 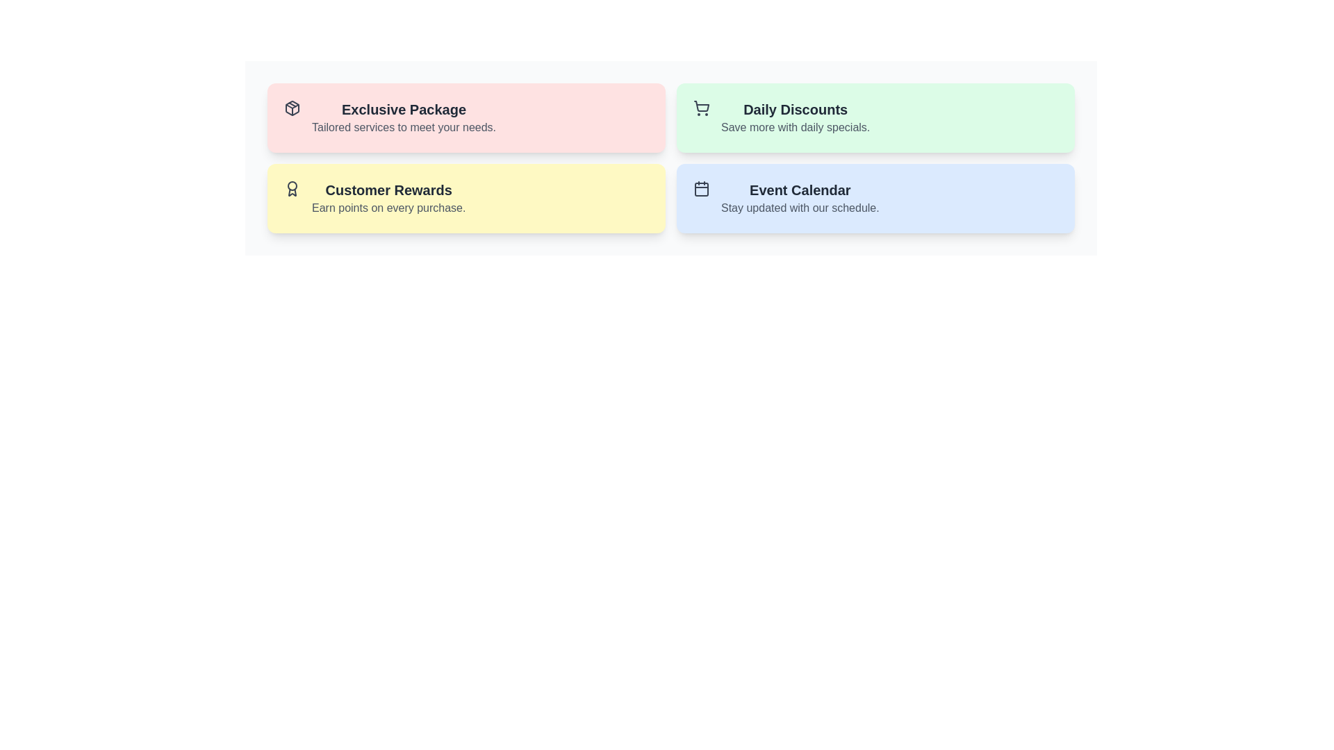 What do you see at coordinates (800, 208) in the screenshot?
I see `the text label reading 'Stay updated with our schedule.' which is located beneath the 'Event Calendar' heading` at bounding box center [800, 208].